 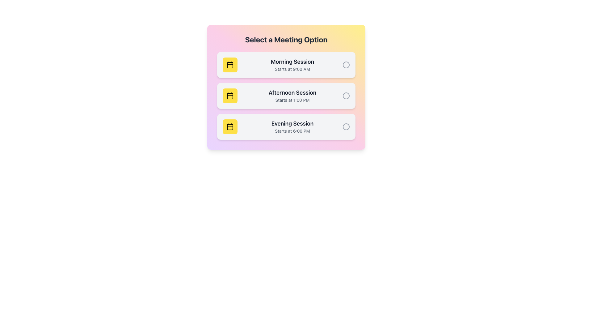 I want to click on the 'Afternoon Session' selectable list item, so click(x=286, y=96).